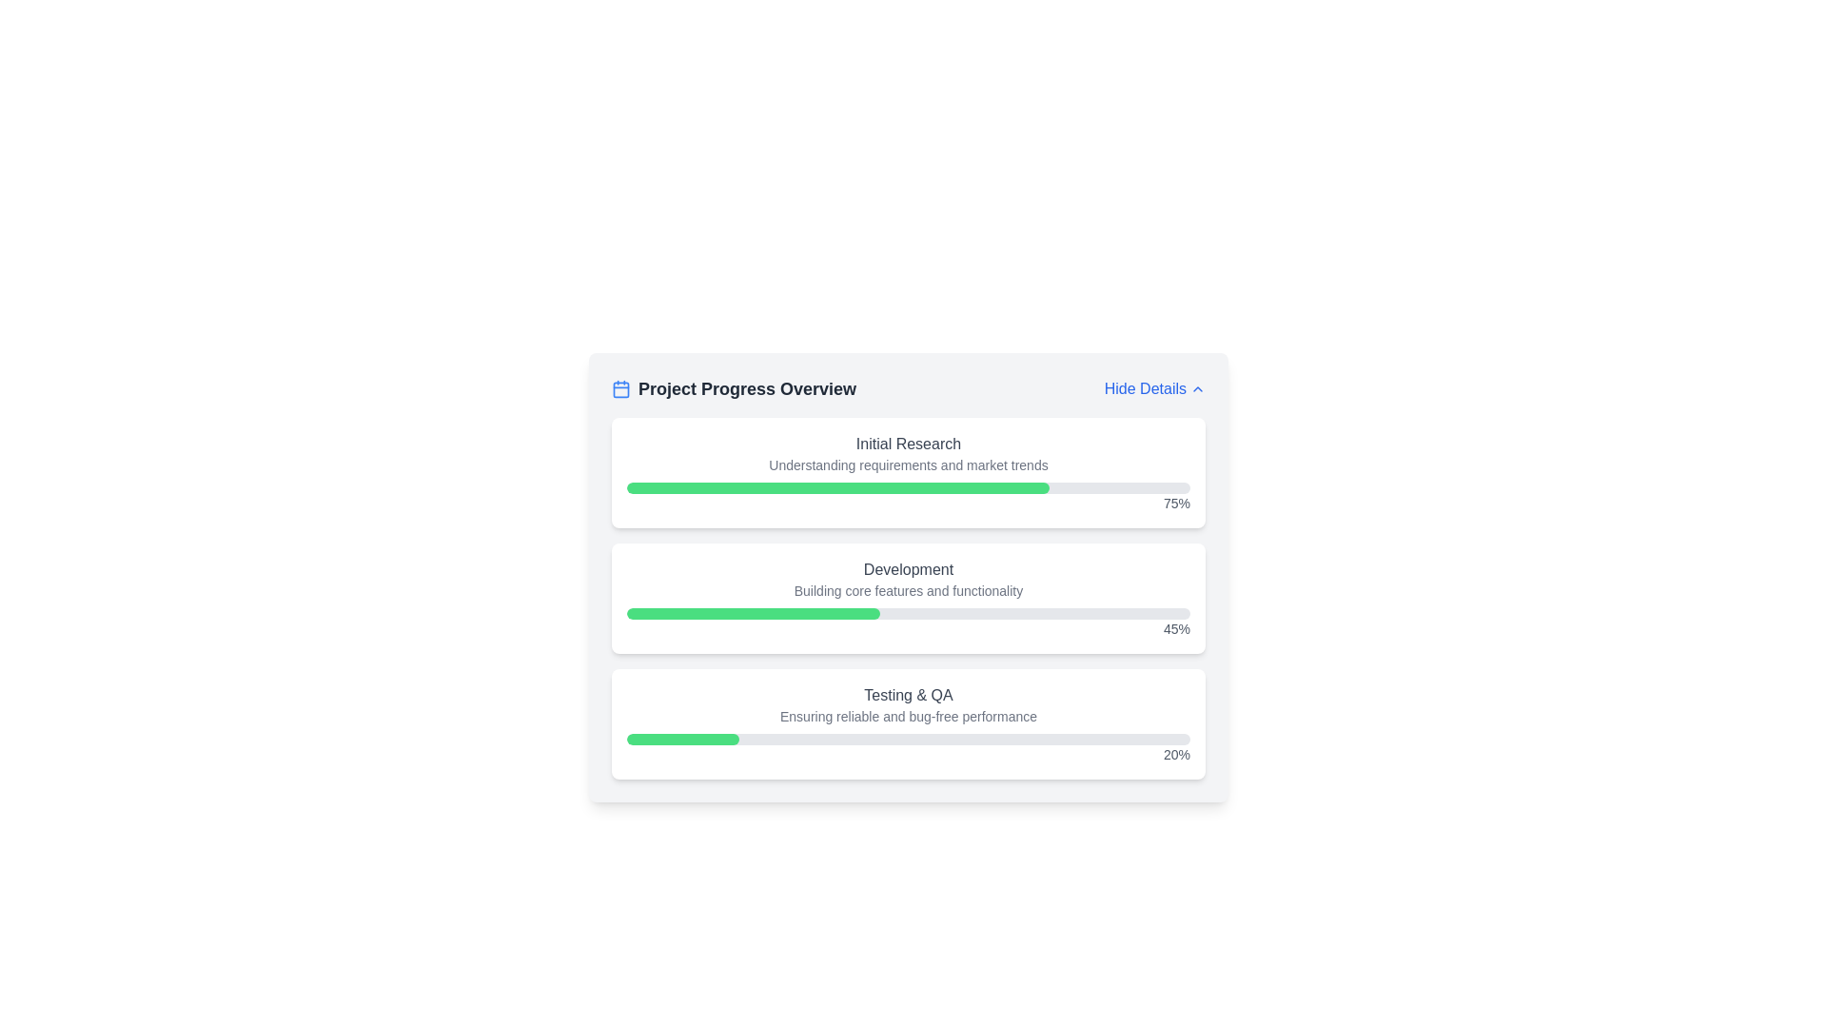  What do you see at coordinates (908, 597) in the screenshot?
I see `progress information from the Progress Indicator Panel titled 'Development', which displays a progress bar indicating 45%` at bounding box center [908, 597].